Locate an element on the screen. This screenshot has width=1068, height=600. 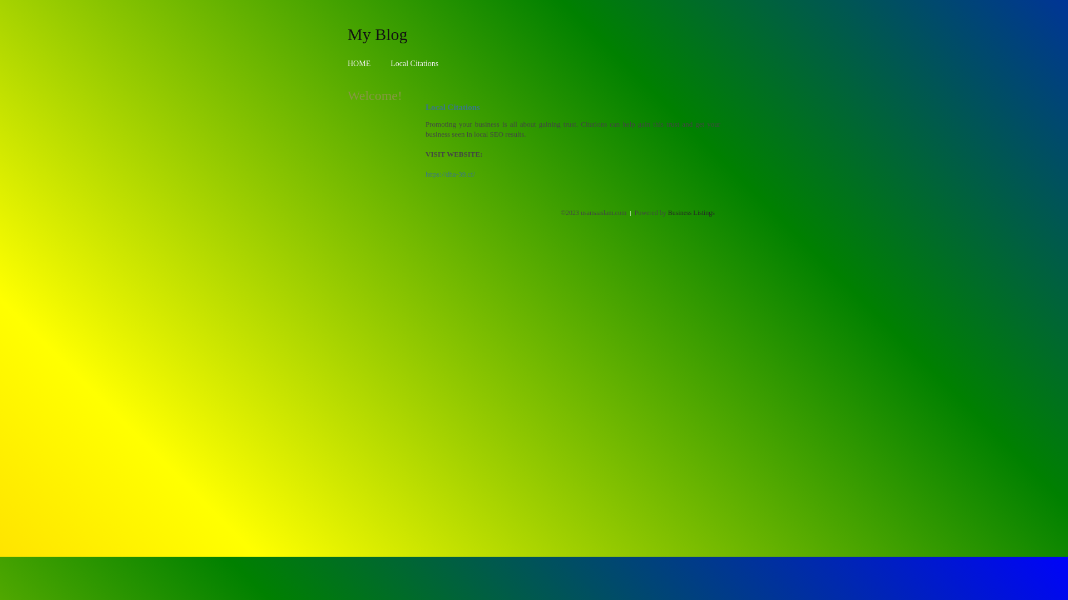
'My Blog' is located at coordinates (377, 33).